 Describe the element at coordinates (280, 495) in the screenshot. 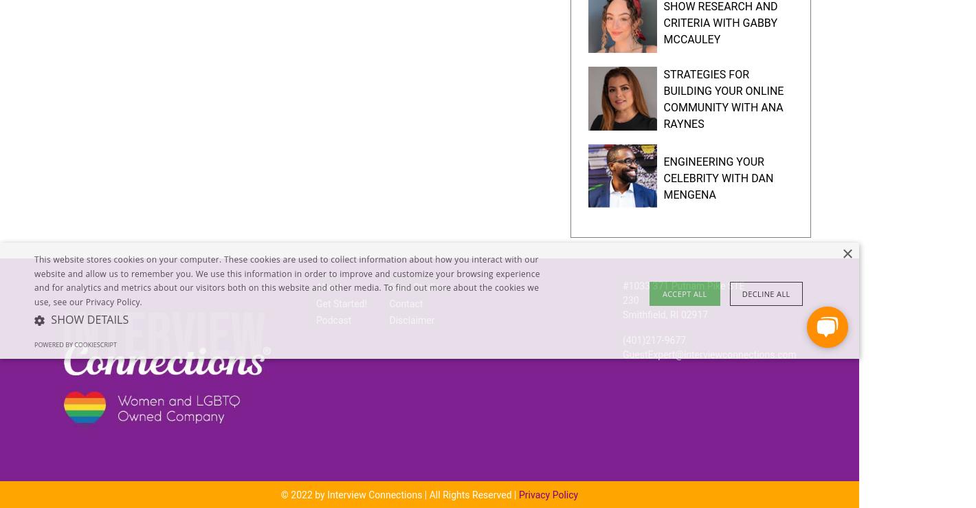

I see `'© 2022 by Interview Connections | All Rights Reserved |'` at that location.